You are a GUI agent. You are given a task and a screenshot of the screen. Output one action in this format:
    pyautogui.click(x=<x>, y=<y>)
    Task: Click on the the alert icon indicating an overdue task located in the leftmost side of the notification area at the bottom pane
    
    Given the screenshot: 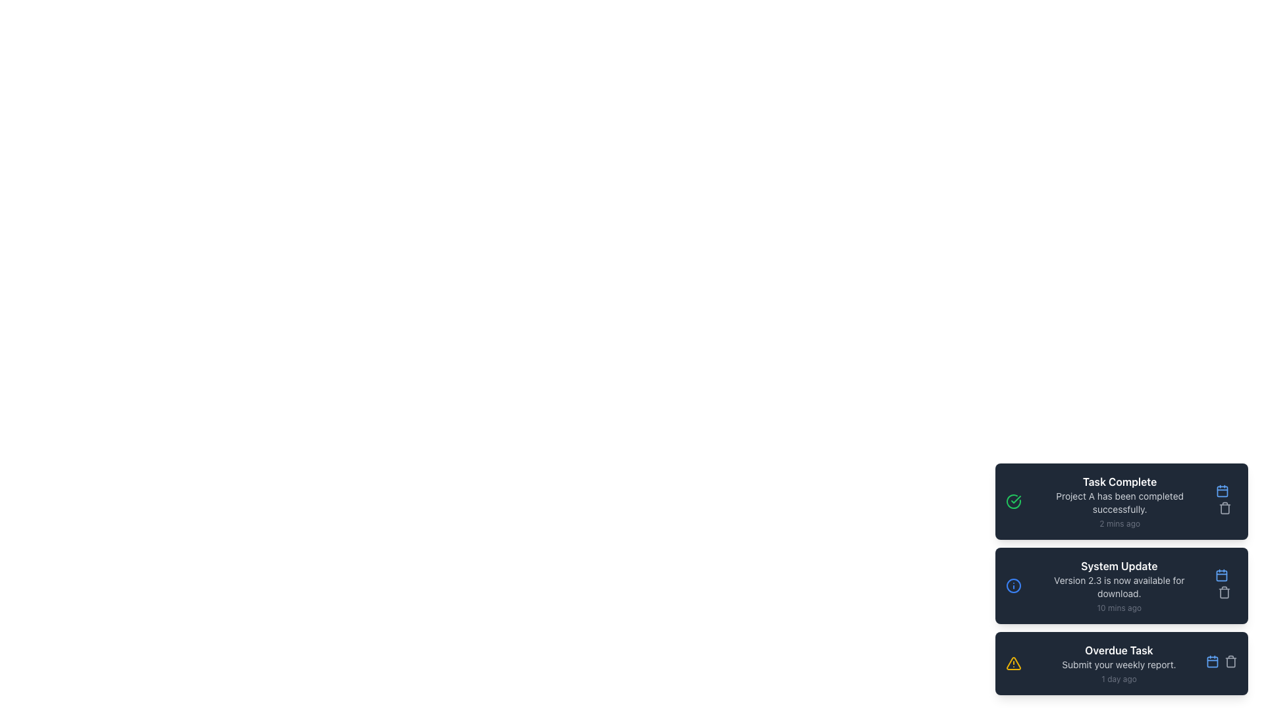 What is the action you would take?
    pyautogui.click(x=1013, y=663)
    